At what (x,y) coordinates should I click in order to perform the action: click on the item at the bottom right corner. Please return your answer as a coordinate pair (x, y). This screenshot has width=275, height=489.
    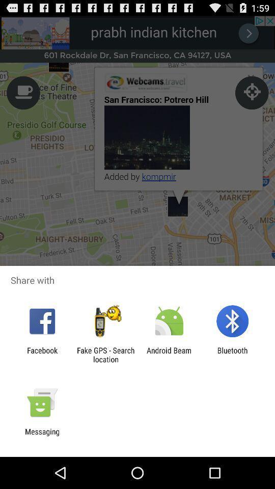
    Looking at the image, I should click on (232, 355).